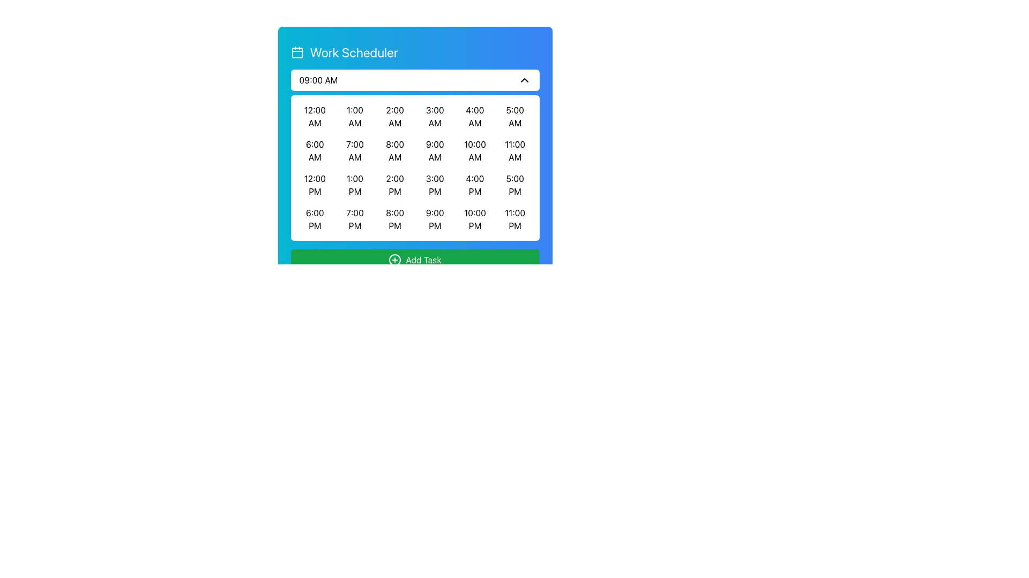 The height and width of the screenshot is (578, 1029). I want to click on the '12:00 AM' button located at the top-left corner of the time picker grid, so click(314, 117).